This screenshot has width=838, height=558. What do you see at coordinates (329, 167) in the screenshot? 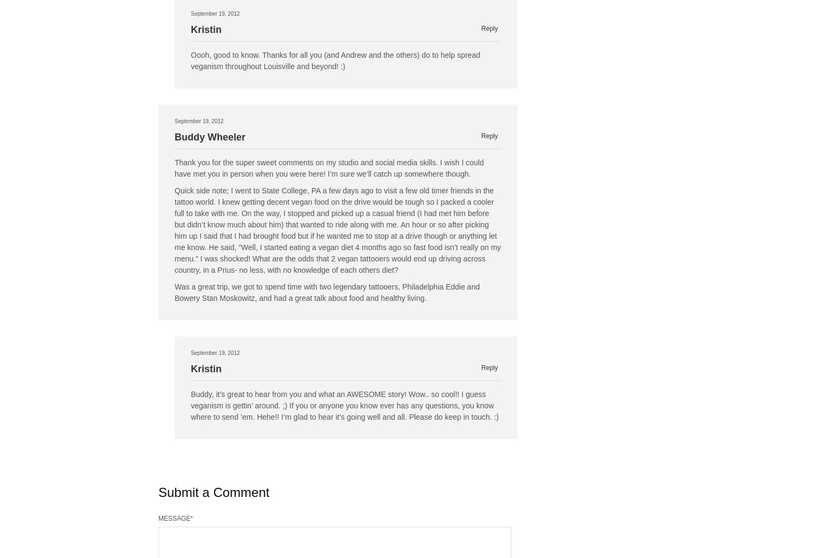
I see `'Thank you for the super sweet comments on my studio and social media skills.  I wish I could have met you in person when you were here!  I’m sure we’ll catch up somewhere though.'` at bounding box center [329, 167].